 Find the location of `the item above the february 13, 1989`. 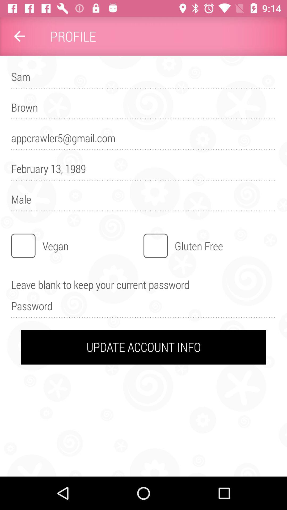

the item above the february 13, 1989 is located at coordinates (143, 141).